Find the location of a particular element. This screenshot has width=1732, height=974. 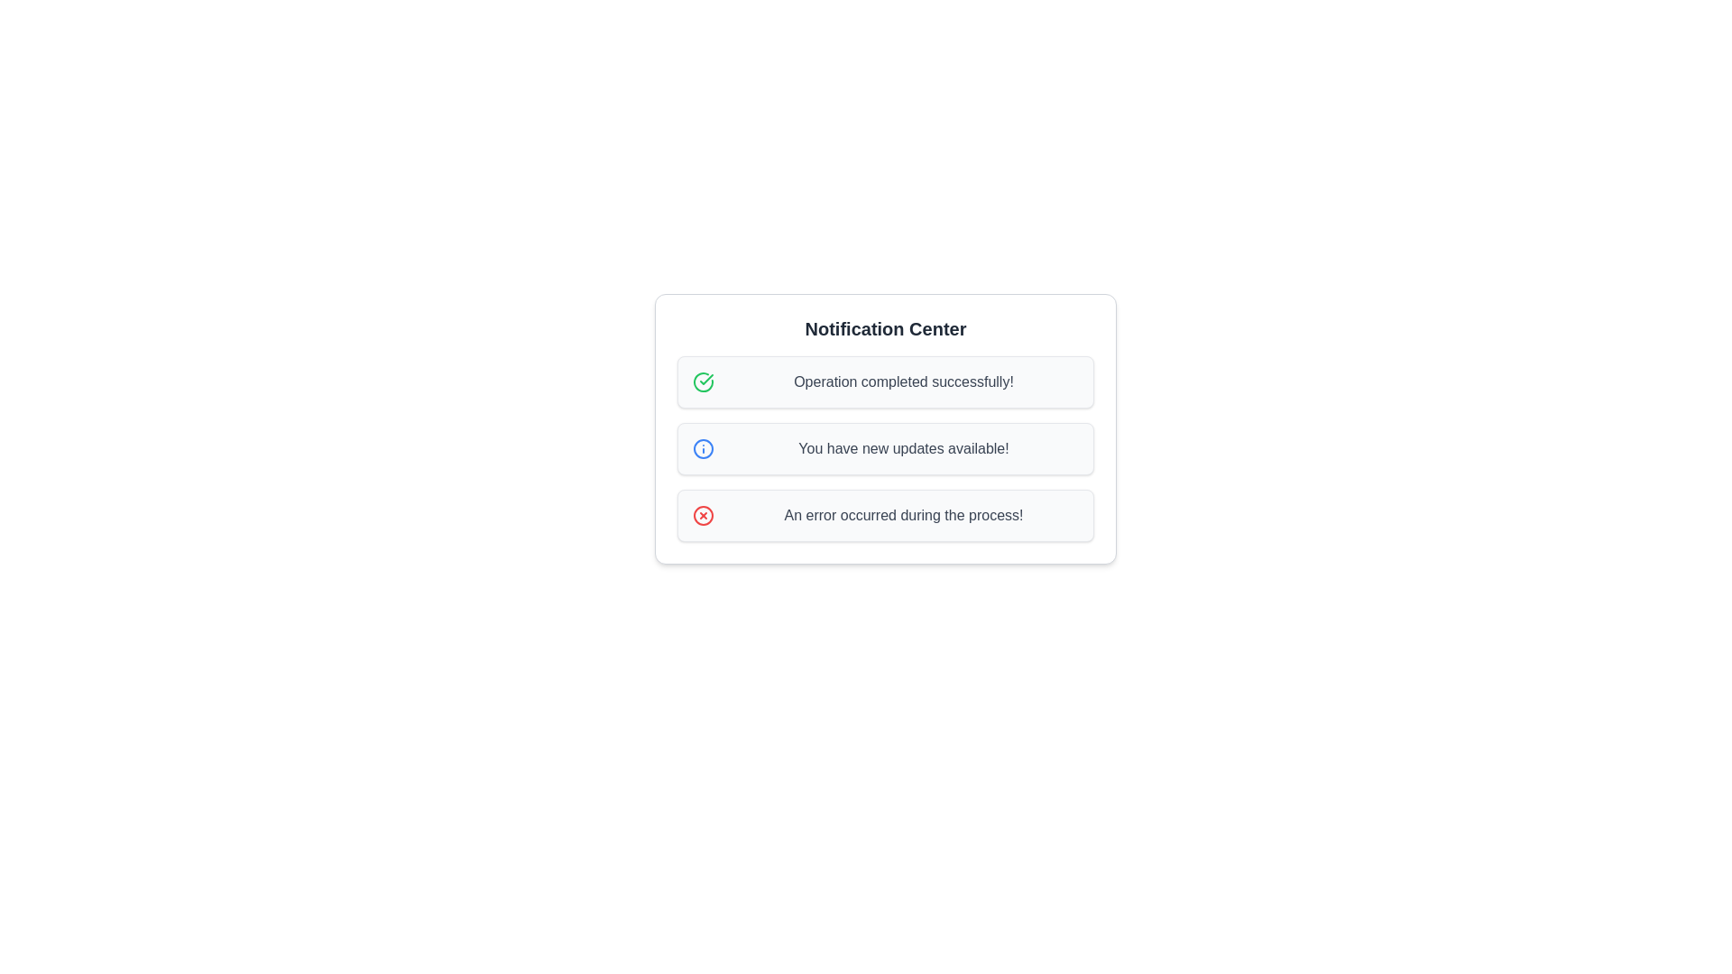

error message displayed in the Notification box located in the Notification Center, which is the third item in the list, positioned between the notifications 'You have new updates available!' and the next notification is located at coordinates (886, 515).